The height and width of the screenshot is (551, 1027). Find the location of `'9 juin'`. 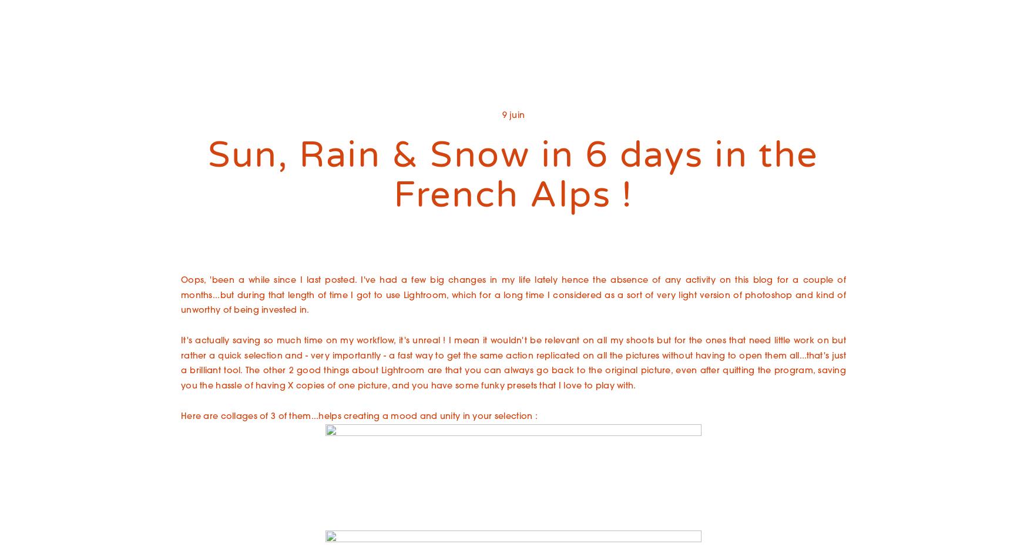

'9 juin' is located at coordinates (502, 115).